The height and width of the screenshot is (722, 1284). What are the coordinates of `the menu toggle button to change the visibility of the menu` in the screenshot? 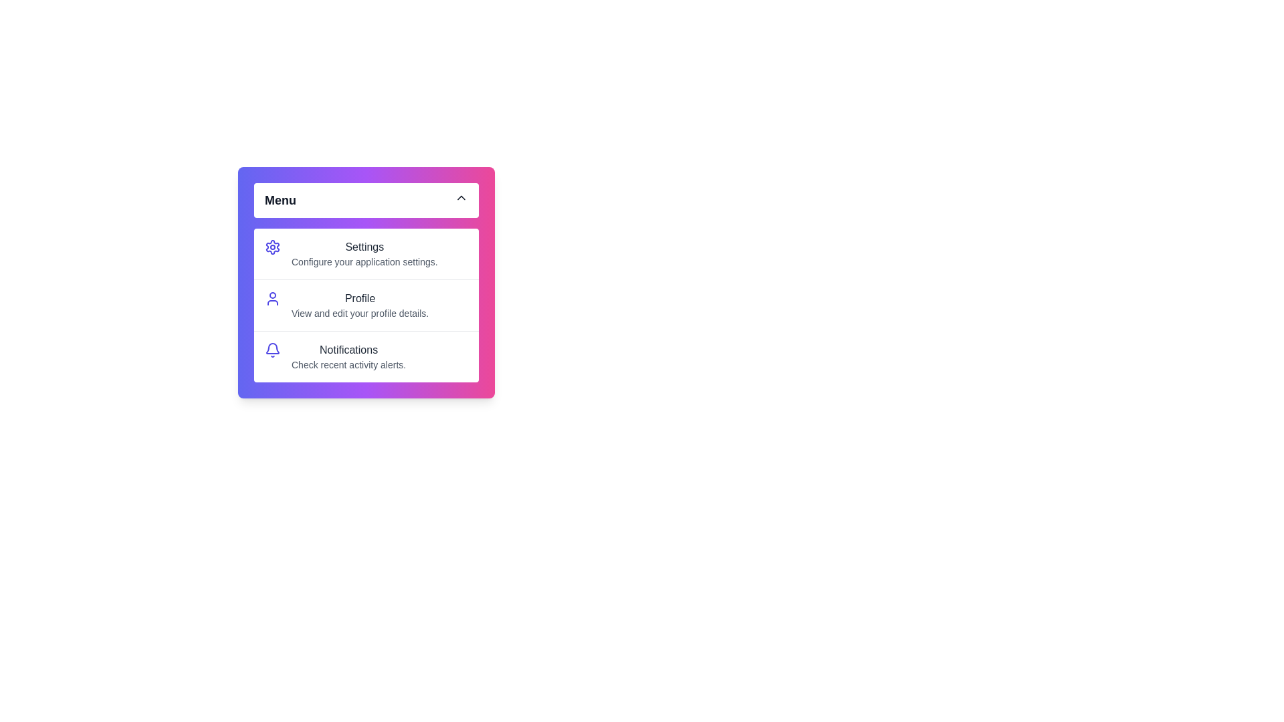 It's located at (366, 201).